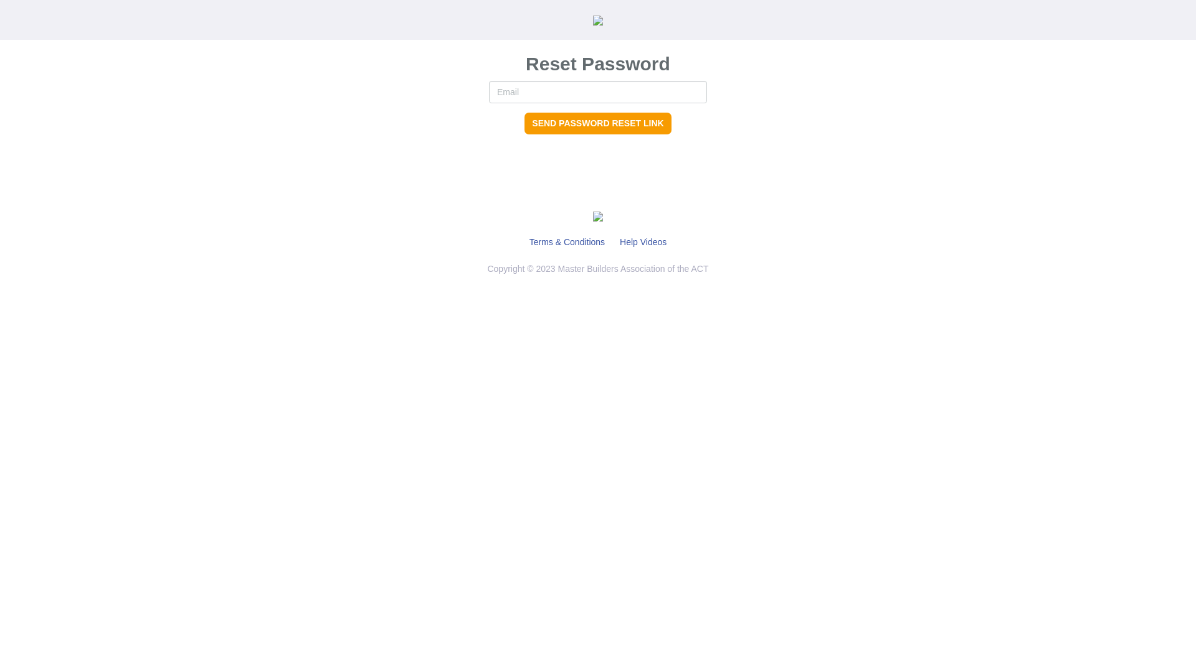  I want to click on 'Help Videos', so click(643, 242).